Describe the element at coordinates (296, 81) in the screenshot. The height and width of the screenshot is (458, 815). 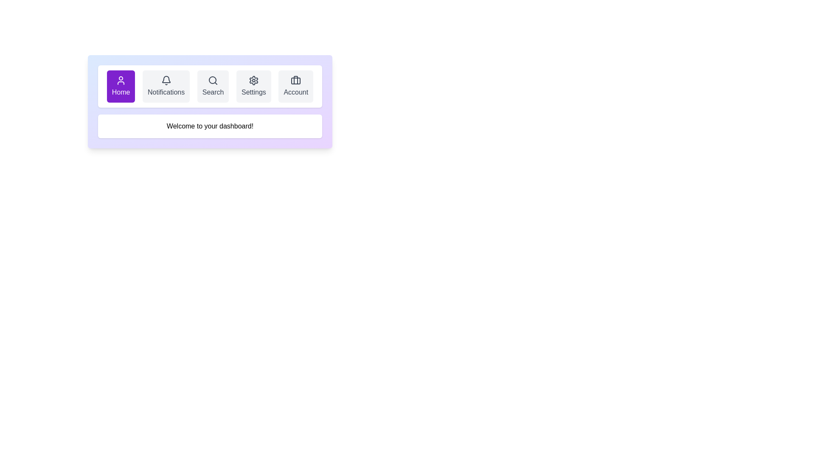
I see `the rectangular shape with rounded corners inside the 'Account' button's briefcase icon located in the top navigation bar` at that location.